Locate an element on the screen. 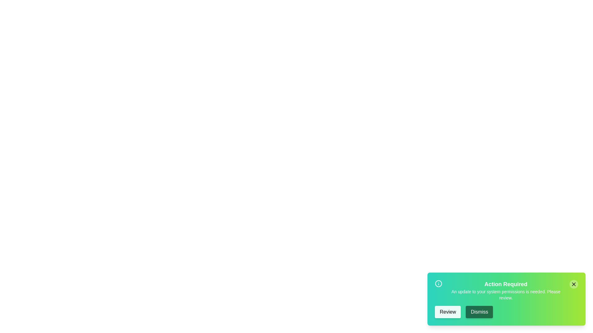 This screenshot has height=333, width=593. 'Review' button to proceed with the suggested action is located at coordinates (448, 312).